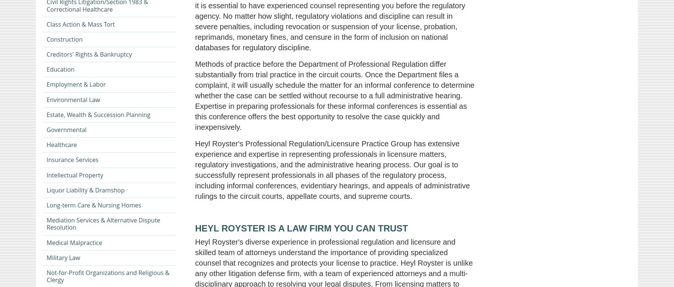  I want to click on 'Governmental', so click(66, 129).